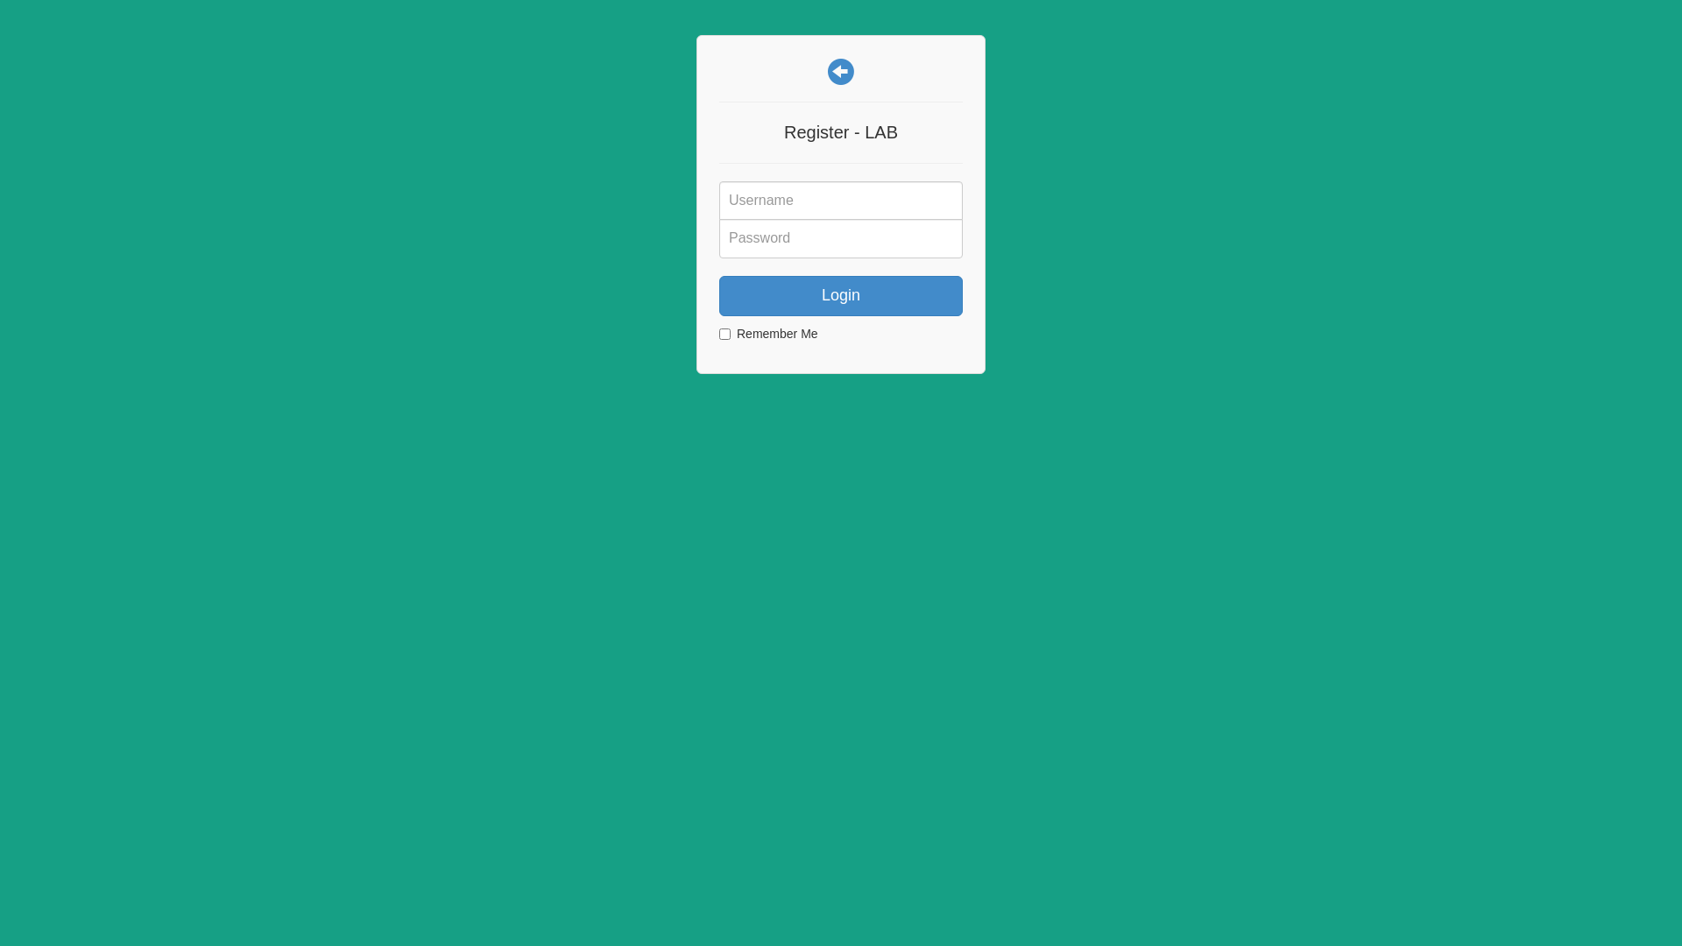 Image resolution: width=1682 pixels, height=946 pixels. What do you see at coordinates (841, 295) in the screenshot?
I see `'Login'` at bounding box center [841, 295].